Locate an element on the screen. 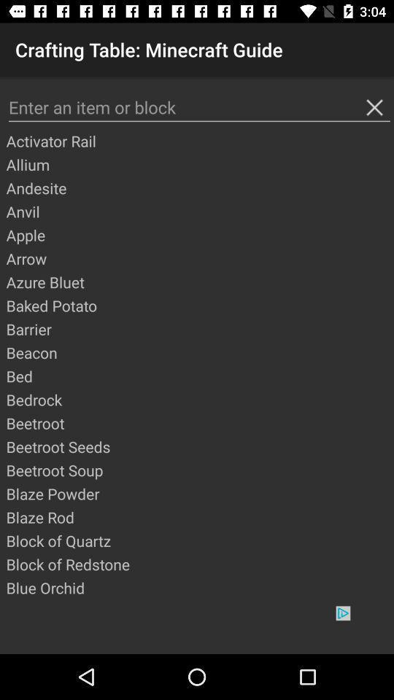  activator rail app is located at coordinates (198, 141).